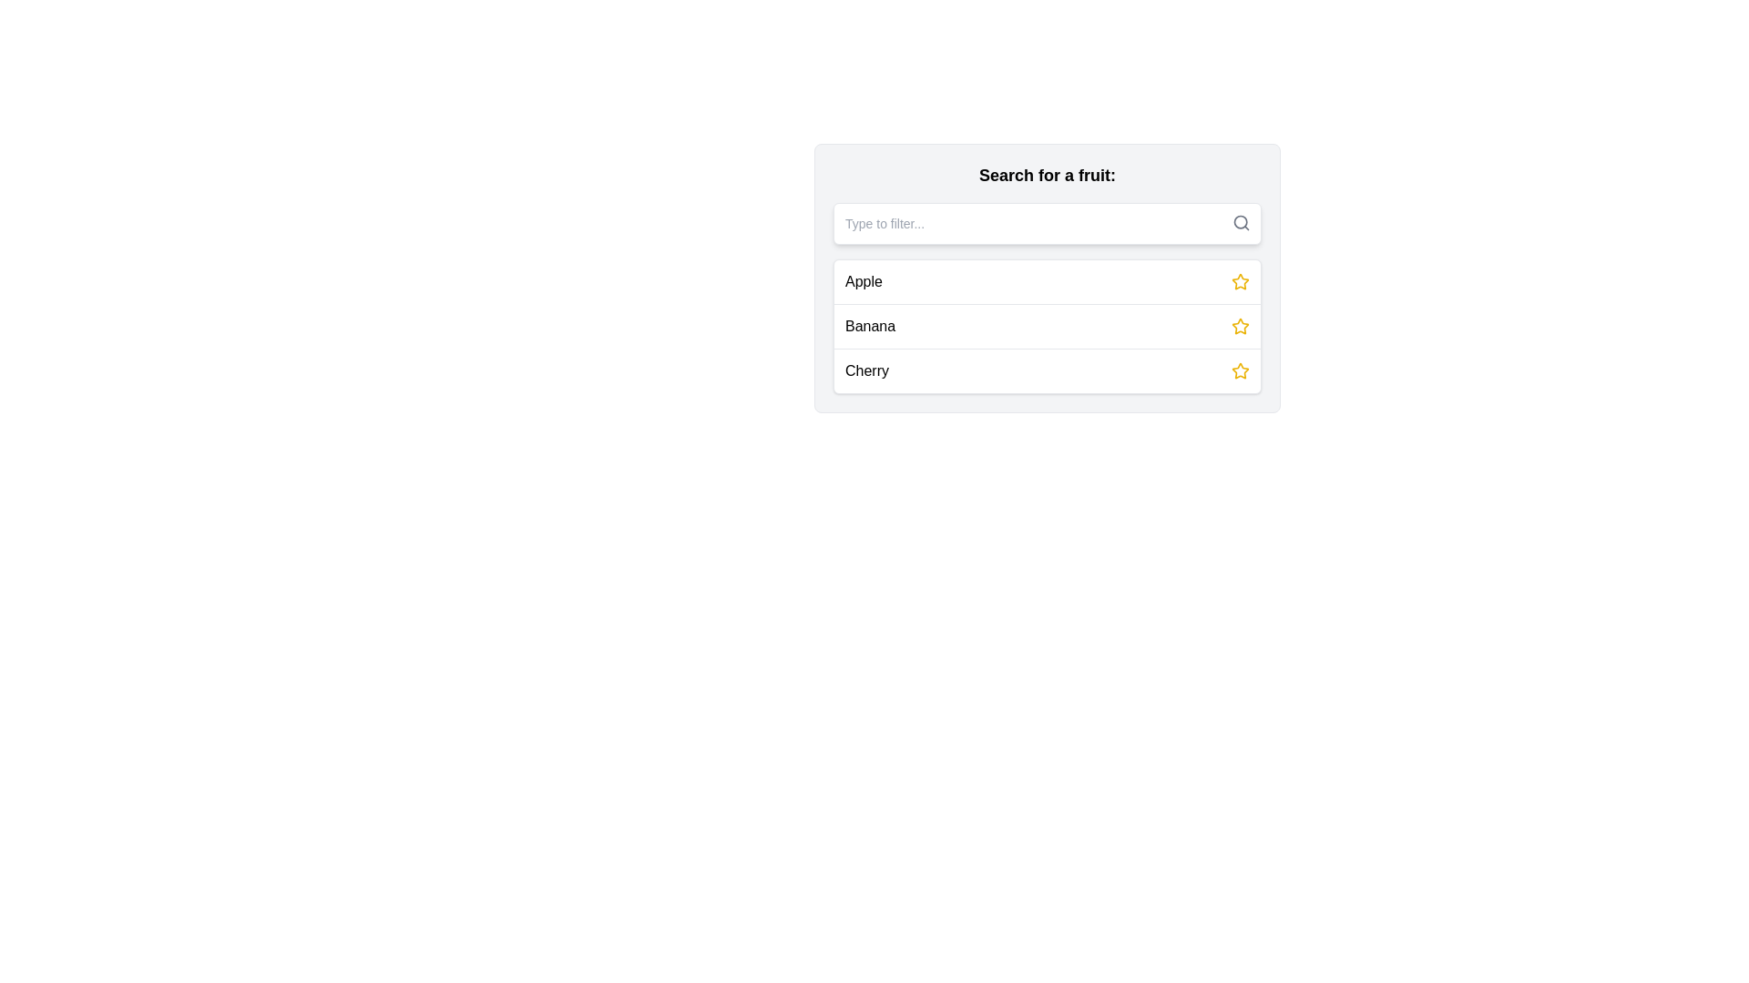 The width and height of the screenshot is (1749, 983). What do you see at coordinates (1239, 325) in the screenshot?
I see `the second star-shaped icon with a yellow border, located to the right of the 'Banana' label` at bounding box center [1239, 325].